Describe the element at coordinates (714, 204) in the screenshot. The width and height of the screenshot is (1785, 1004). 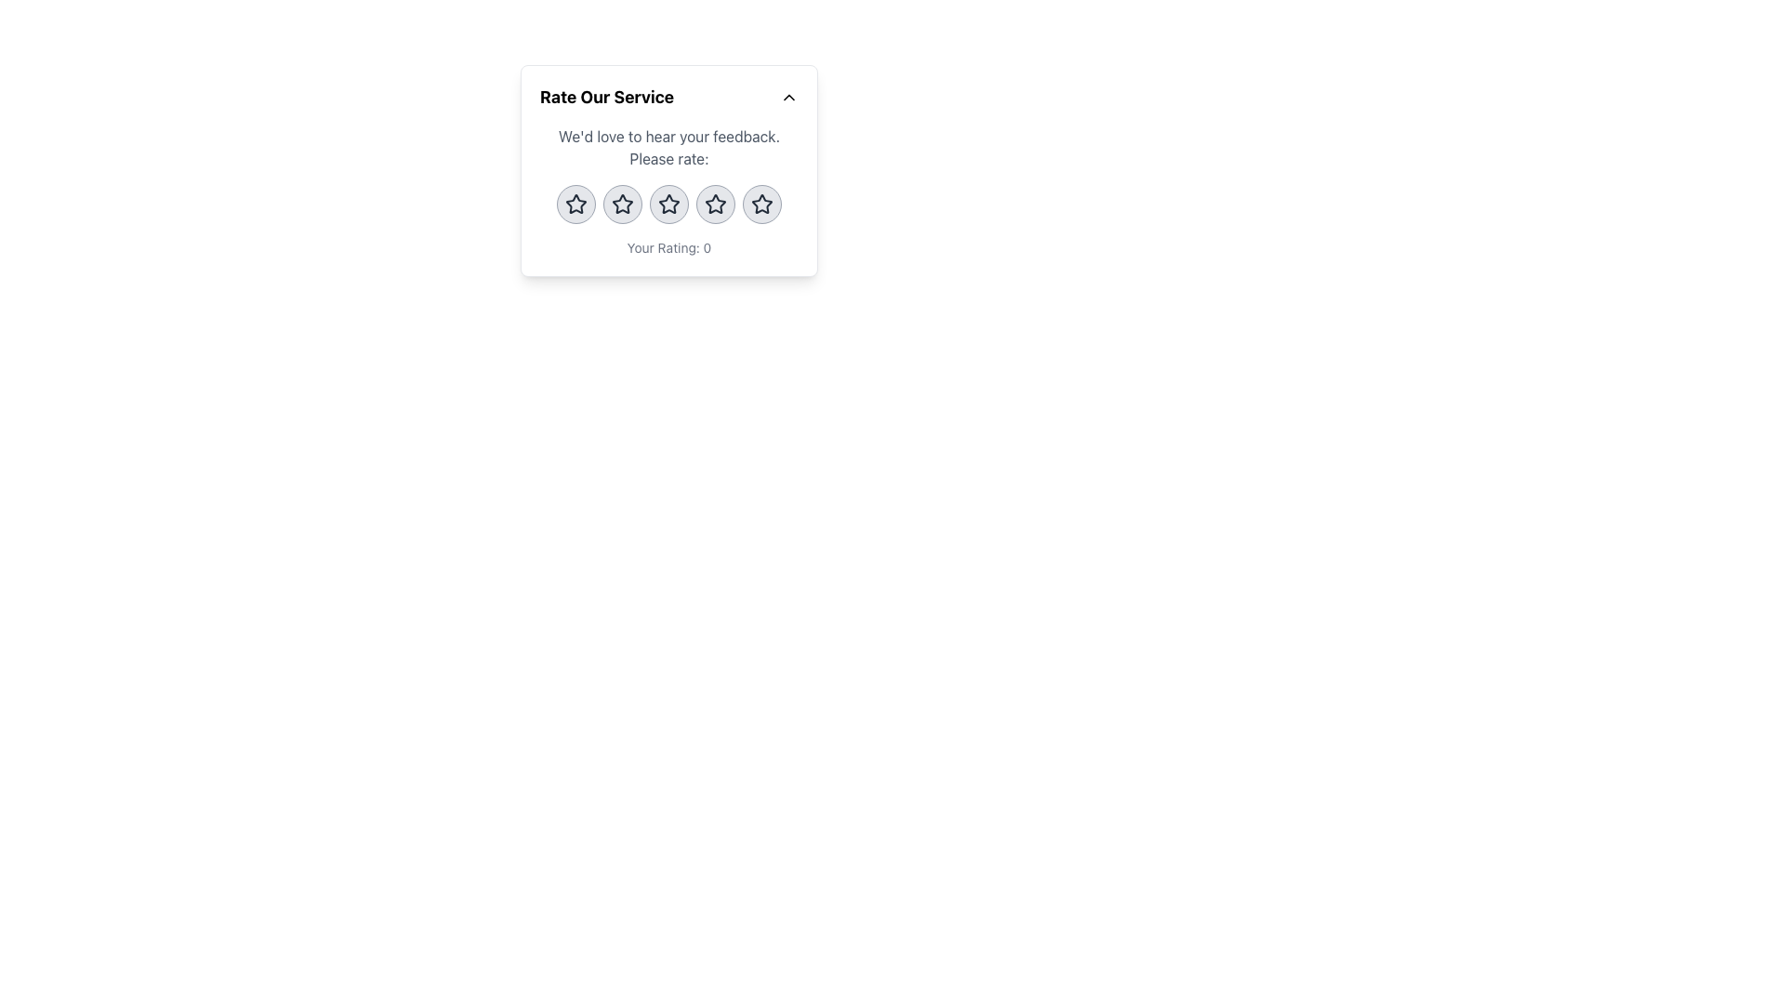
I see `the circular button with a light gray background and dark gray border, which contains an outlined dark gray star icon` at that location.